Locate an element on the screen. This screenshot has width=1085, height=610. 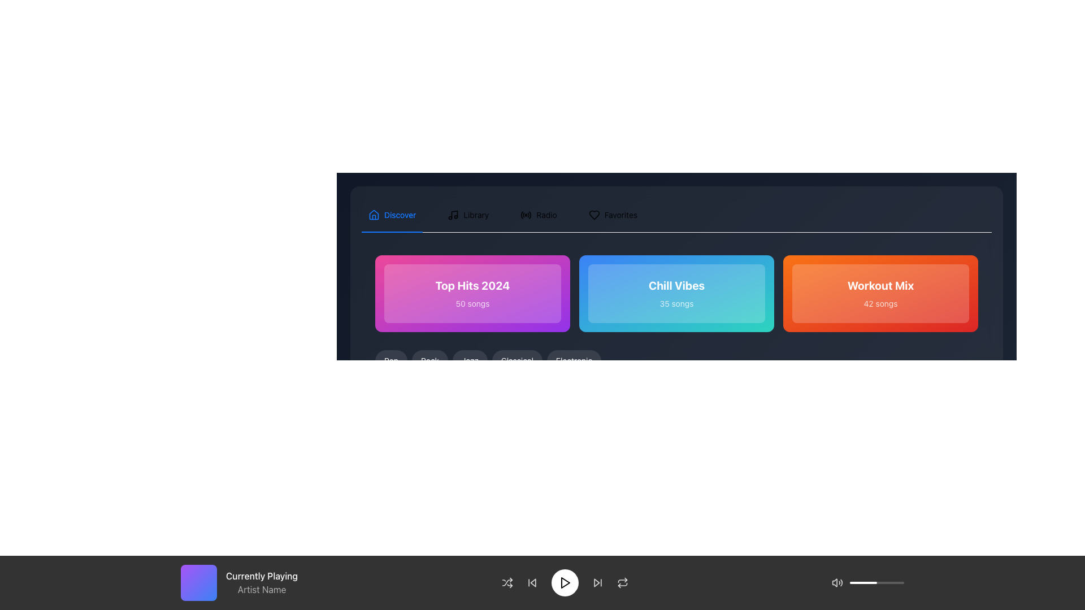
the 'previous track' button located in the playback control bar, which is the second element from the left, to skip to the previous track in the playback queue is located at coordinates (531, 583).